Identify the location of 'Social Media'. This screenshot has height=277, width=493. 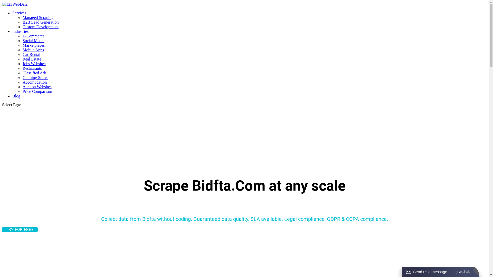
(33, 40).